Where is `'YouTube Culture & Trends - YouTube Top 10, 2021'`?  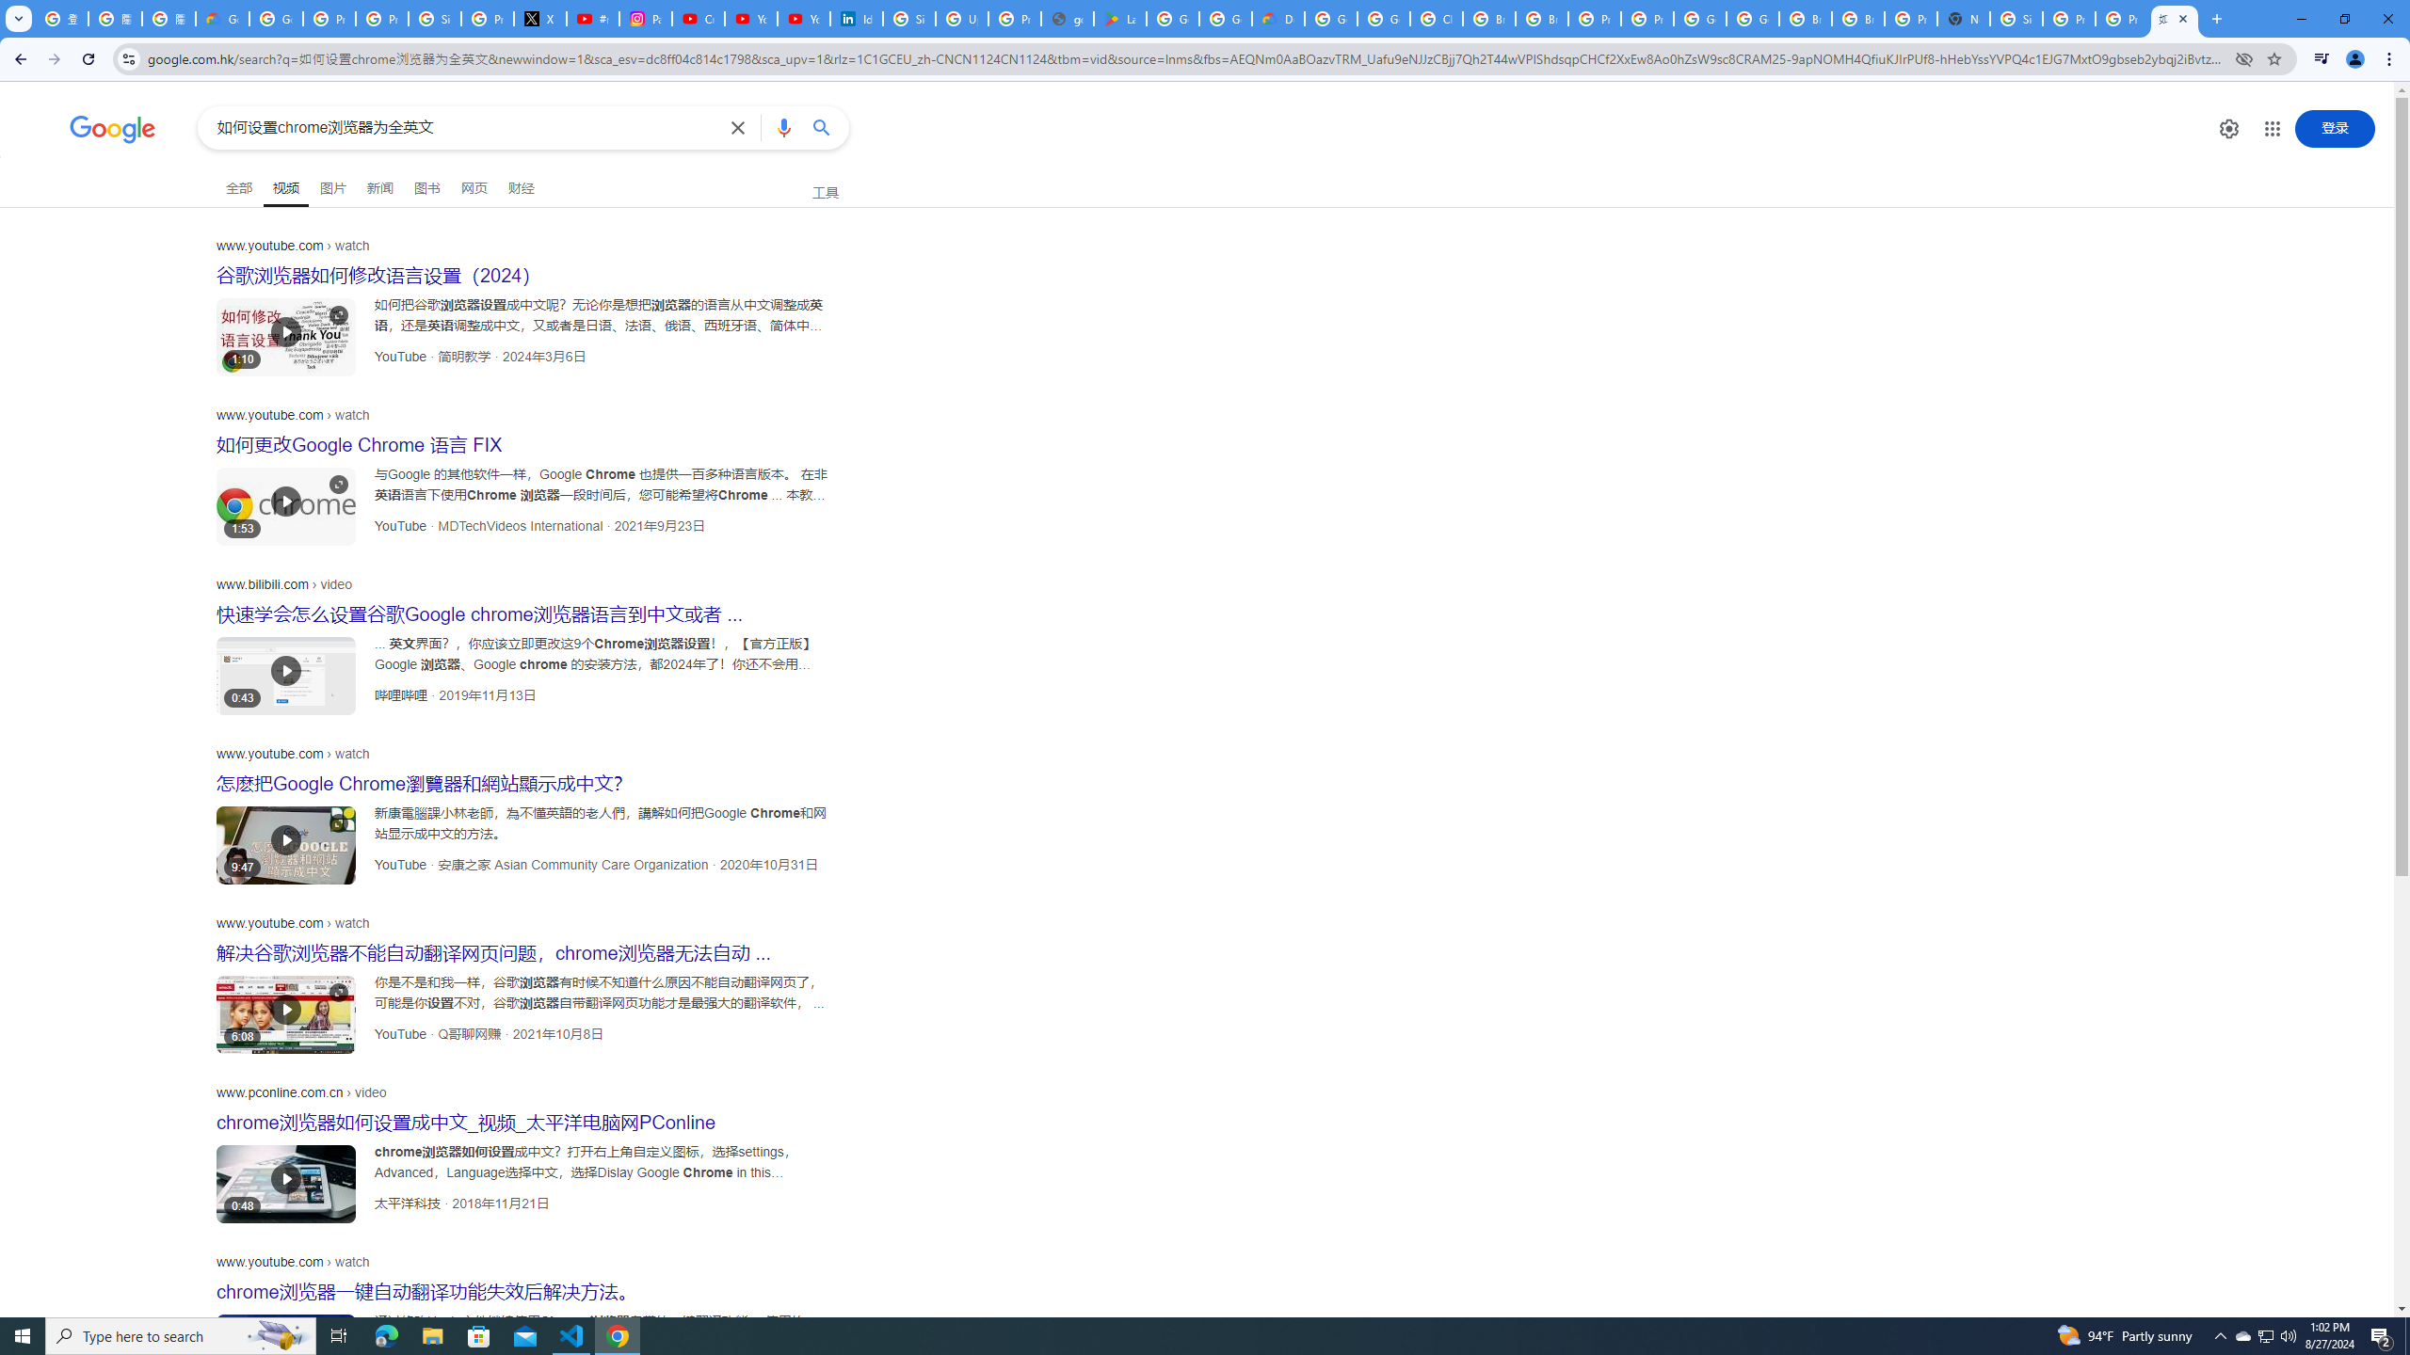
'YouTube Culture & Trends - YouTube Top 10, 2021' is located at coordinates (802, 18).